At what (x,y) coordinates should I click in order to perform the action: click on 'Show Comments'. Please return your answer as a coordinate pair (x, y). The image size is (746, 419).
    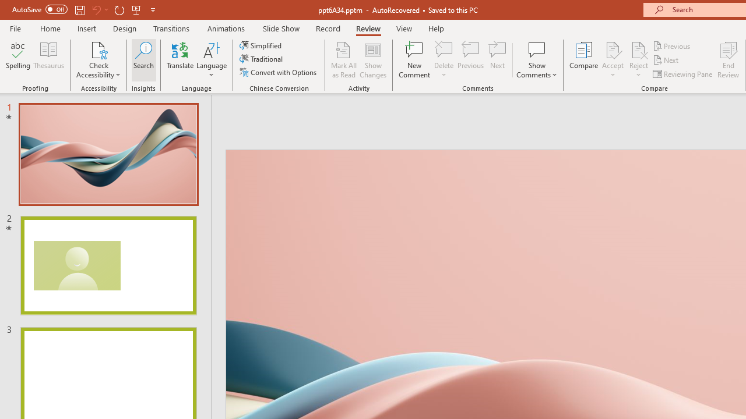
    Looking at the image, I should click on (536, 49).